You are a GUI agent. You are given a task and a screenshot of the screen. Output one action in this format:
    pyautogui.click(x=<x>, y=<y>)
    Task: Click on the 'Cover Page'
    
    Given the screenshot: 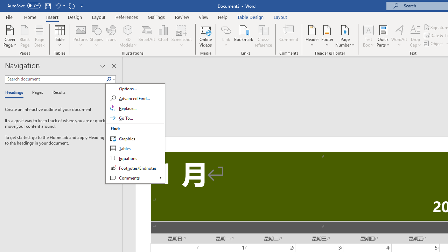 What is the action you would take?
    pyautogui.click(x=10, y=36)
    